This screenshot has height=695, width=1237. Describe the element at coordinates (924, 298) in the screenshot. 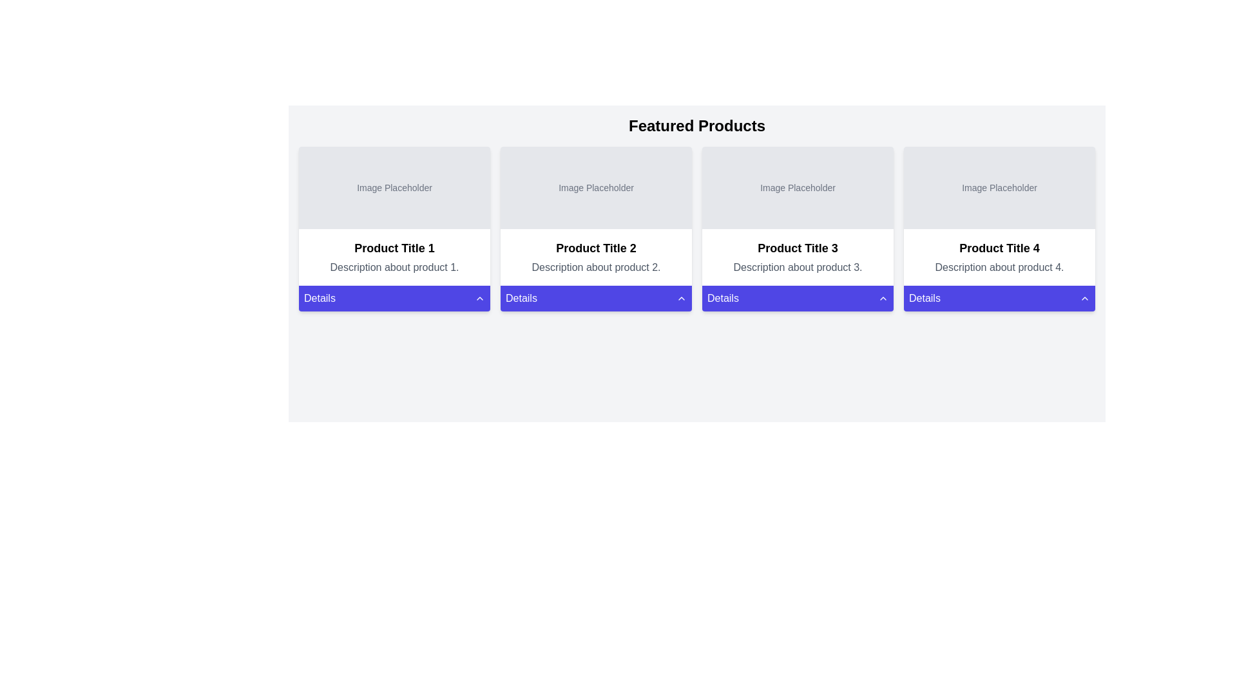

I see `the 'Details' text label, which is styled in white text on a blue background, located at the bottom of the fourth card in a horizontal layout` at that location.